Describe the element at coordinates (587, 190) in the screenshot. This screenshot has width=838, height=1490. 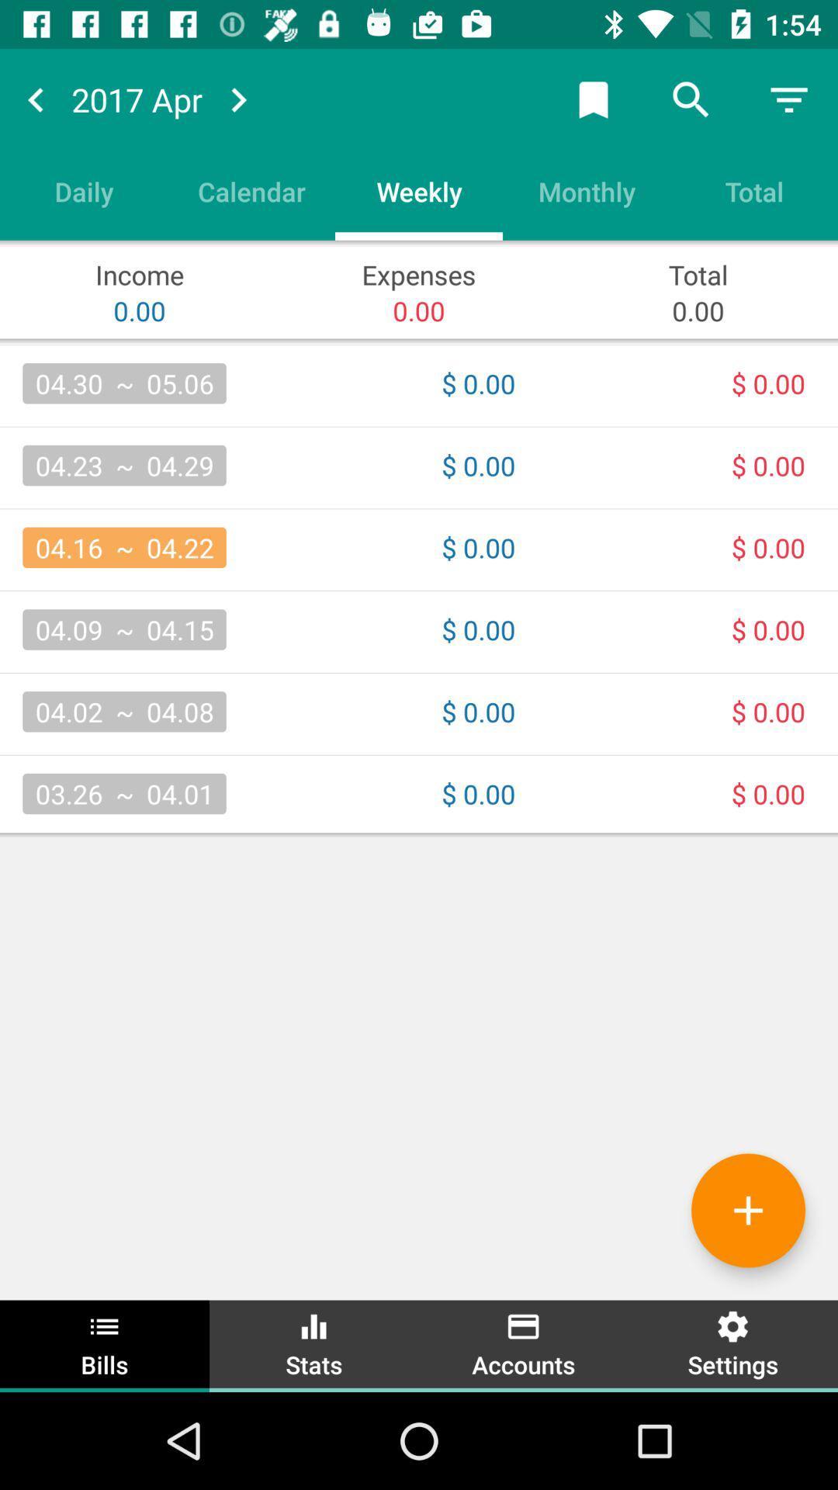
I see `the item to the left of the total` at that location.